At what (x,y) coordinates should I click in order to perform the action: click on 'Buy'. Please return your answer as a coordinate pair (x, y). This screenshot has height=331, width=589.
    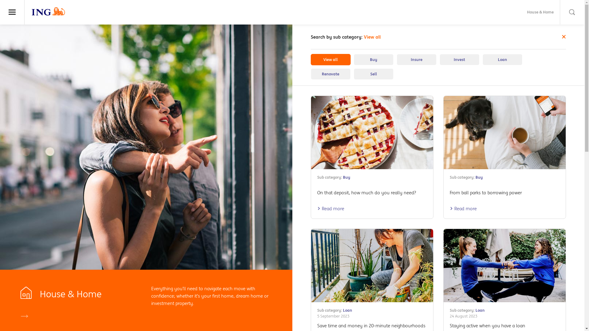
    Looking at the image, I should click on (479, 177).